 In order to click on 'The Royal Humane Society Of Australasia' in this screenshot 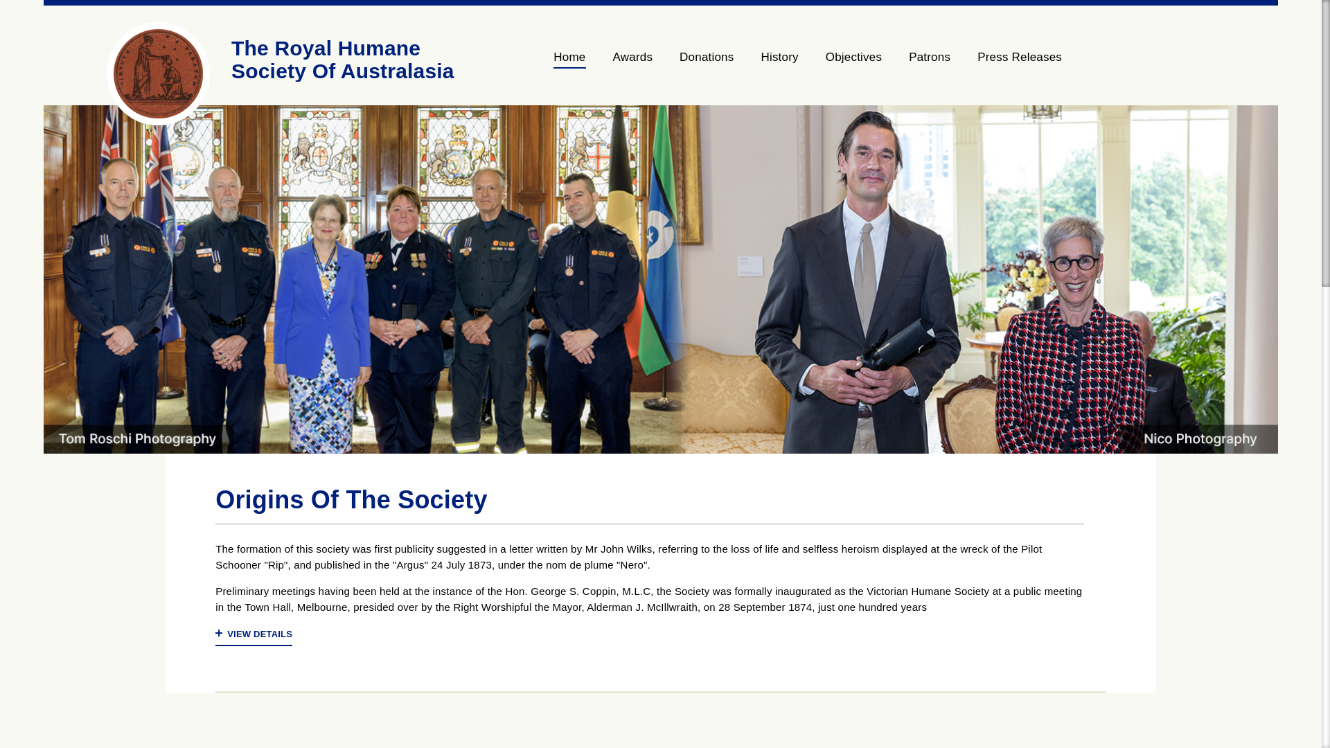, I will do `click(231, 58)`.